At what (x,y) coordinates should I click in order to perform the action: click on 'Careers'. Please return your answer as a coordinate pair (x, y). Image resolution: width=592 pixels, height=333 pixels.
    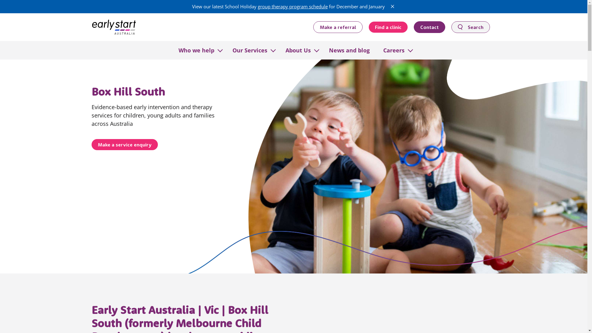
    Looking at the image, I should click on (393, 50).